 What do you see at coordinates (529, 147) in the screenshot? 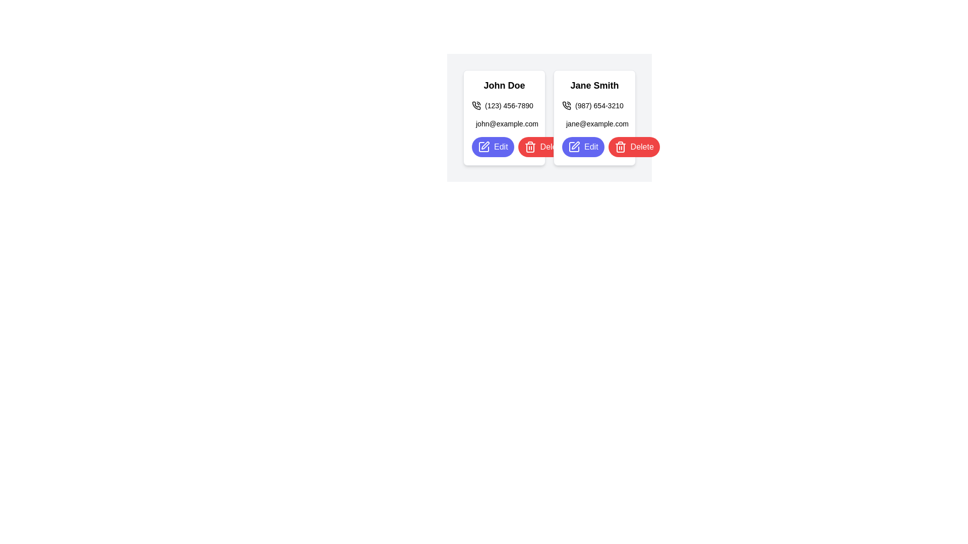
I see `the trash bin icon located at the bottom-right corner of the card layout` at bounding box center [529, 147].